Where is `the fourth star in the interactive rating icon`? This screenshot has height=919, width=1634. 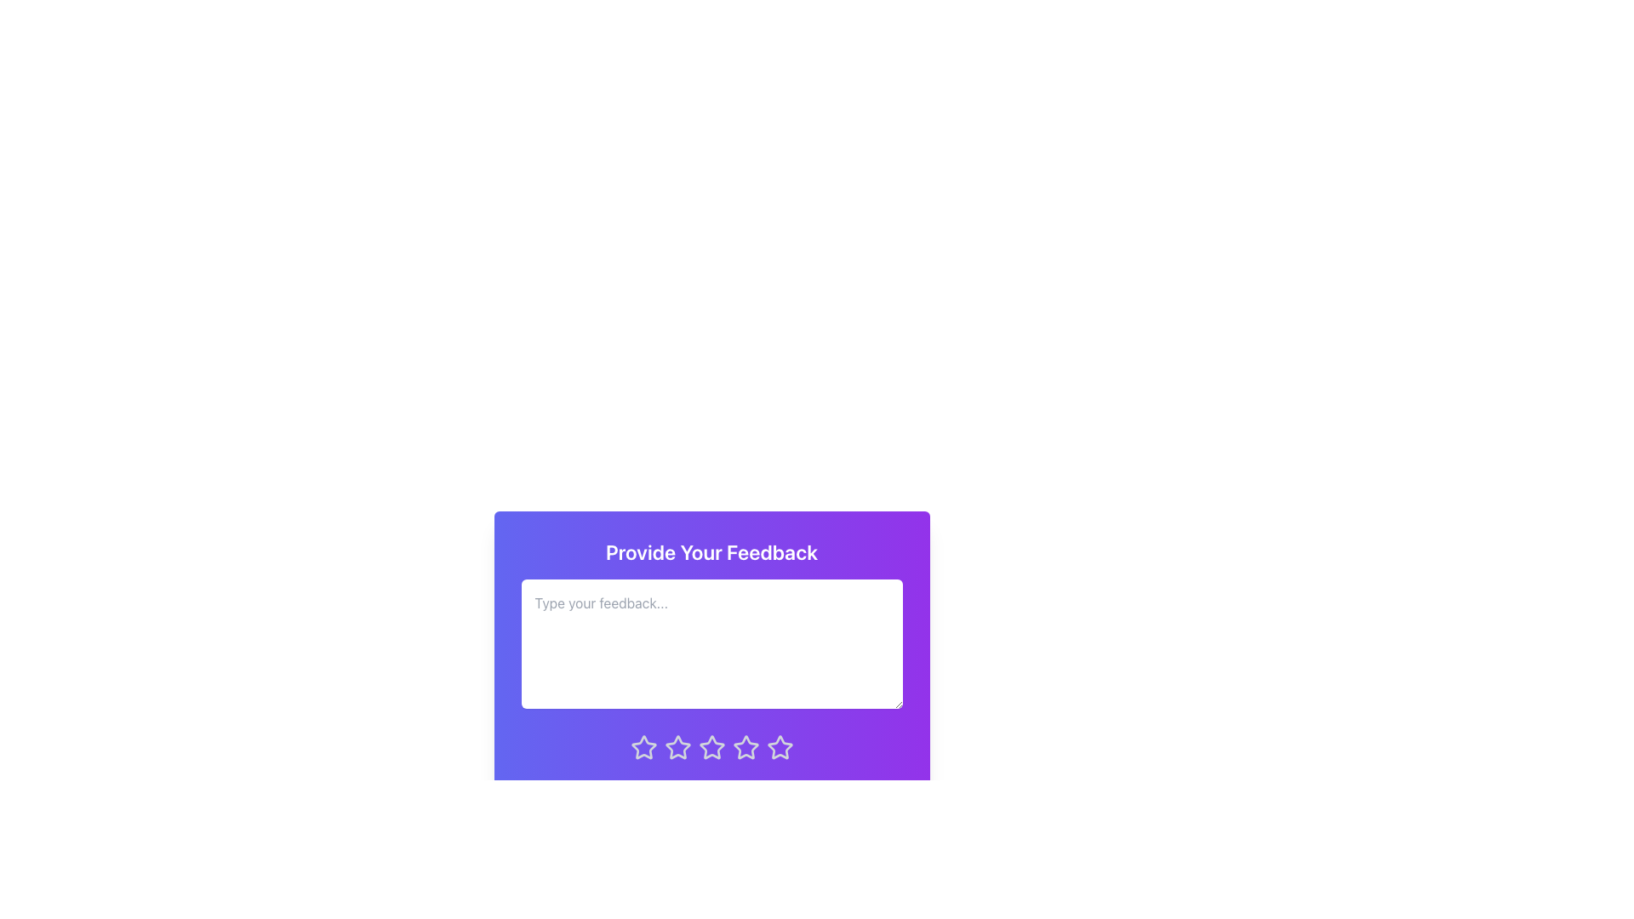 the fourth star in the interactive rating icon is located at coordinates (746, 746).